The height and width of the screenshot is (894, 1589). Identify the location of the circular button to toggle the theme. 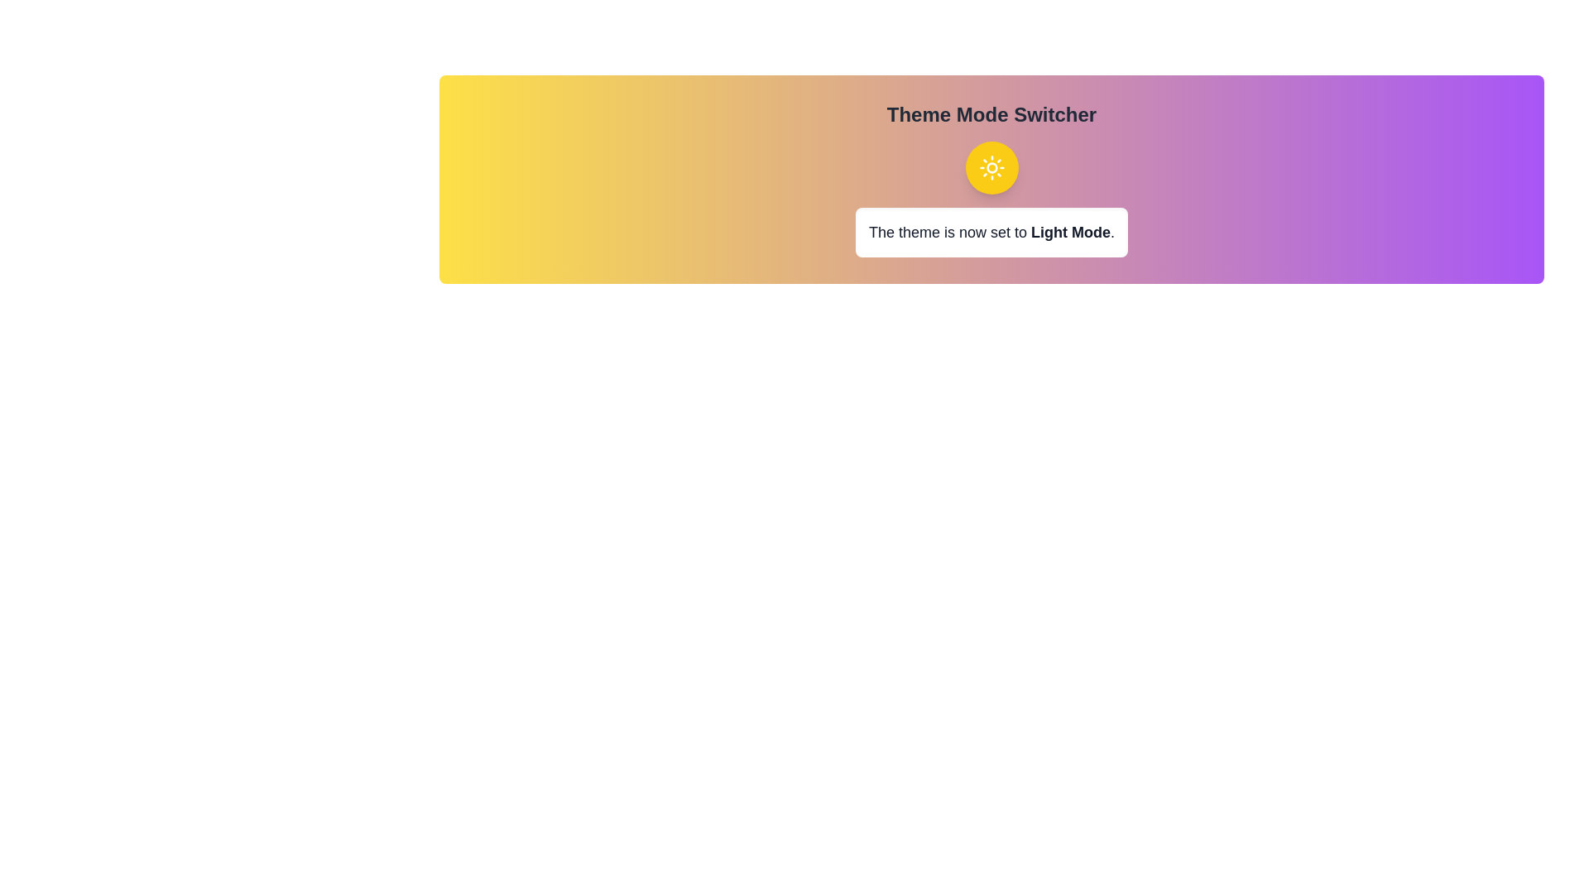
(991, 168).